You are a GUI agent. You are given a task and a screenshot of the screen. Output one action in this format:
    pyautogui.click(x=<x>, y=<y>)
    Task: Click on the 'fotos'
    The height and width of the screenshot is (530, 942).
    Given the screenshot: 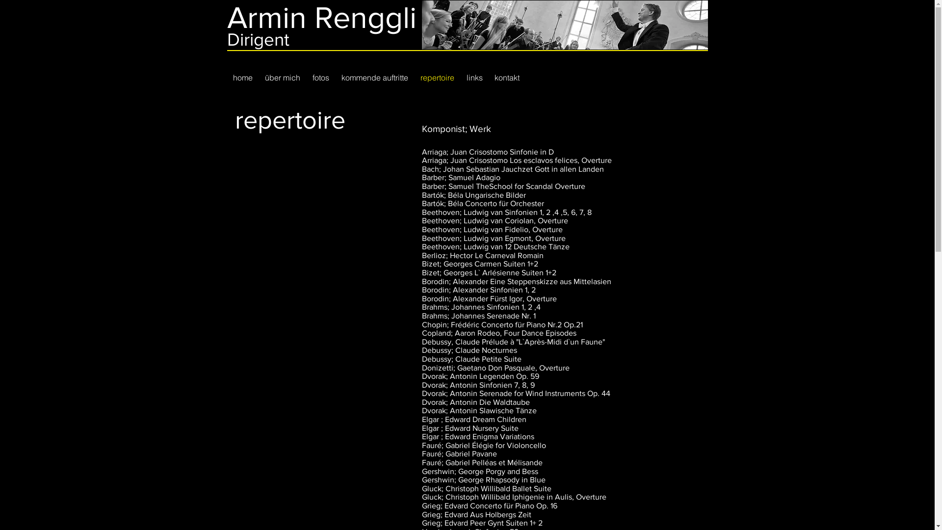 What is the action you would take?
    pyautogui.click(x=320, y=77)
    